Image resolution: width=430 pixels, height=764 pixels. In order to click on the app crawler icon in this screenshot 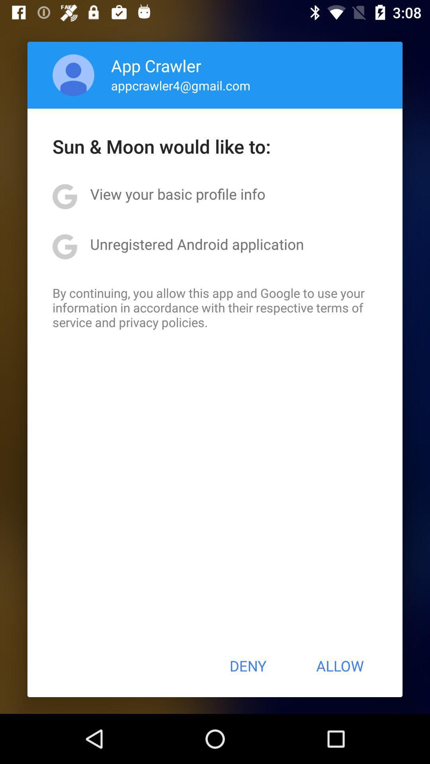, I will do `click(156, 65)`.